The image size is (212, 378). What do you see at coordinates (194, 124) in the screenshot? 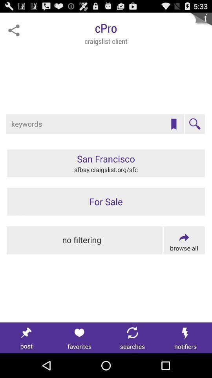
I see `the item below cpro item` at bounding box center [194, 124].